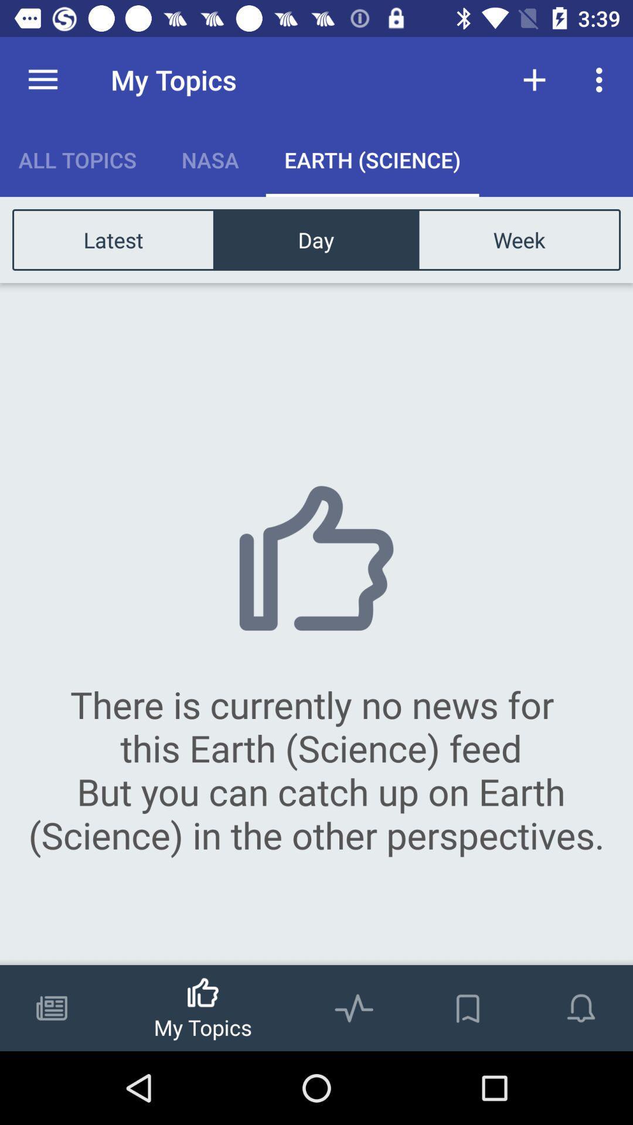 This screenshot has width=633, height=1125. I want to click on the day item, so click(315, 239).